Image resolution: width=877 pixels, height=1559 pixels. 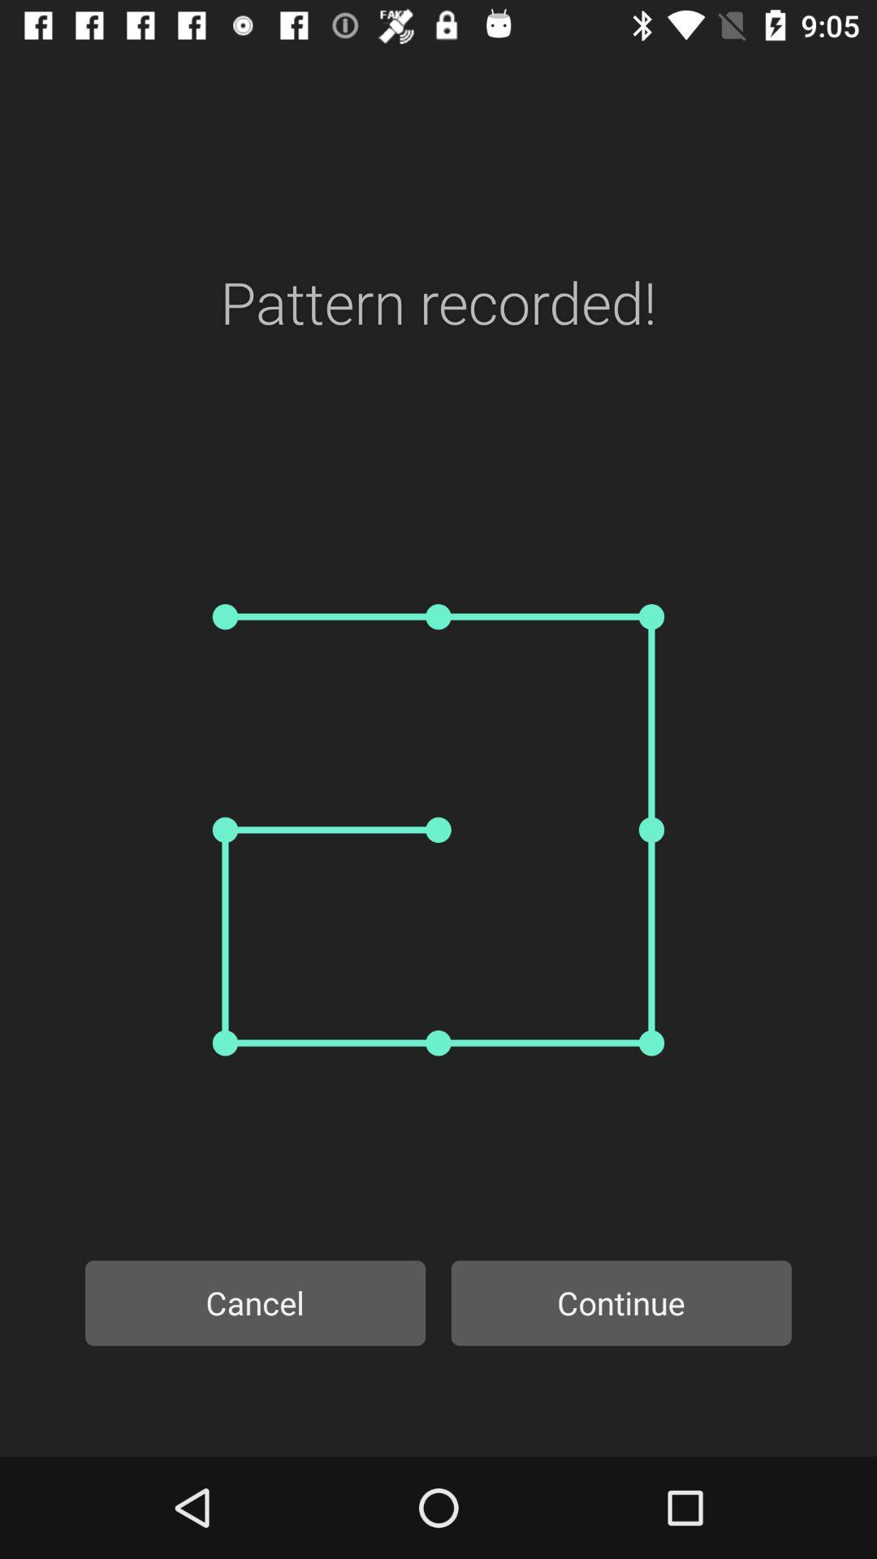 What do you see at coordinates (621, 1302) in the screenshot?
I see `continue` at bounding box center [621, 1302].